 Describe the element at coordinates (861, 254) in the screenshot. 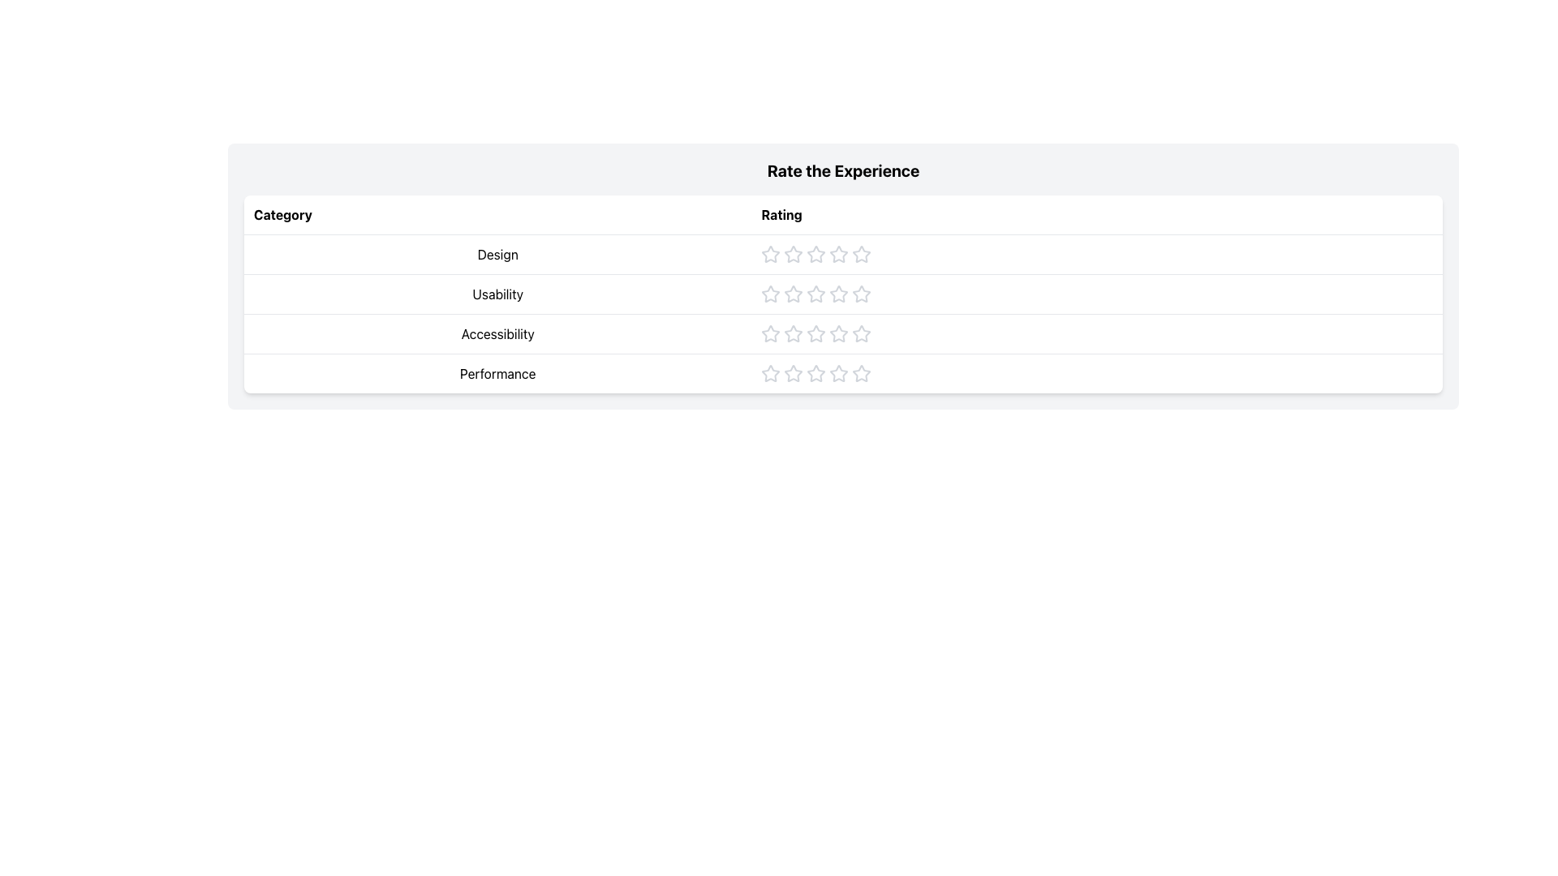

I see `the fourth star-shaped icon in the 'Rating' column for the 'Design' category to rate it` at that location.